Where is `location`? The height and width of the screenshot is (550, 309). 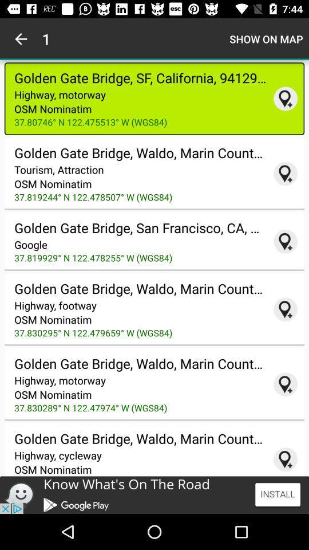 location is located at coordinates (285, 309).